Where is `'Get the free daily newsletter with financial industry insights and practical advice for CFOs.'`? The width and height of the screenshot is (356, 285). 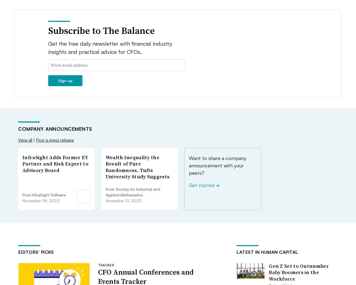
'Get the free daily newsletter with financial industry insights and practical advice for CFOs.' is located at coordinates (110, 47).